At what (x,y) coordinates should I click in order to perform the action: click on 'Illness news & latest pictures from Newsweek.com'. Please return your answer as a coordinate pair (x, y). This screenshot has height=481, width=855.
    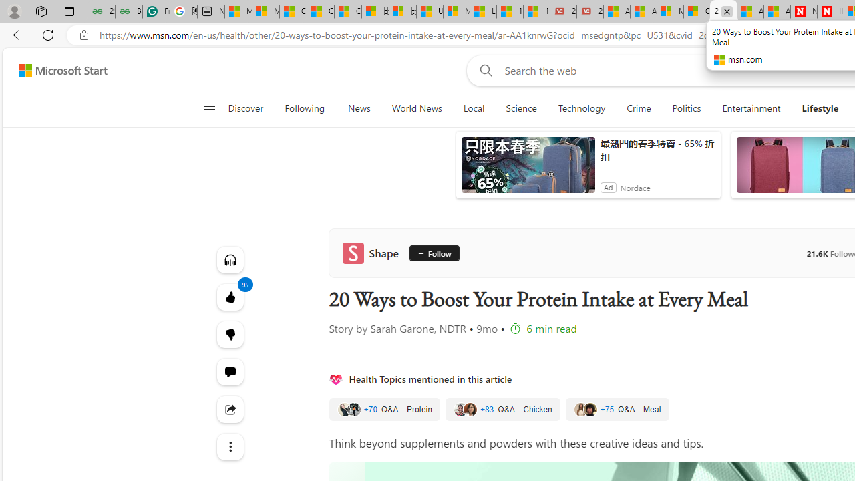
    Looking at the image, I should click on (830, 11).